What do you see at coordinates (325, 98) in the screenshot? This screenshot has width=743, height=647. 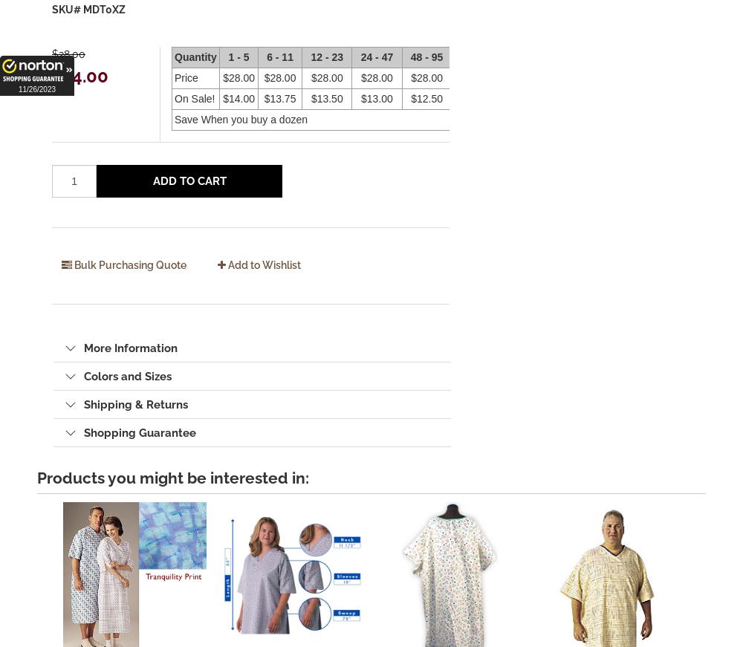 I see `'$13.50'` at bounding box center [325, 98].